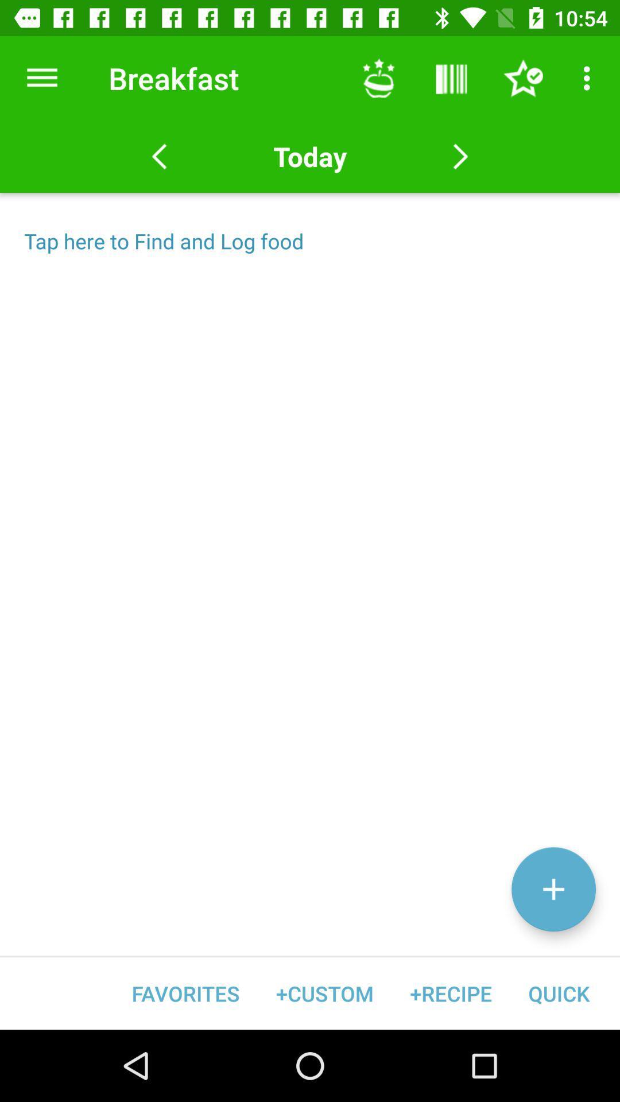  What do you see at coordinates (450, 993) in the screenshot?
I see `the icon to the right of the +custom icon` at bounding box center [450, 993].